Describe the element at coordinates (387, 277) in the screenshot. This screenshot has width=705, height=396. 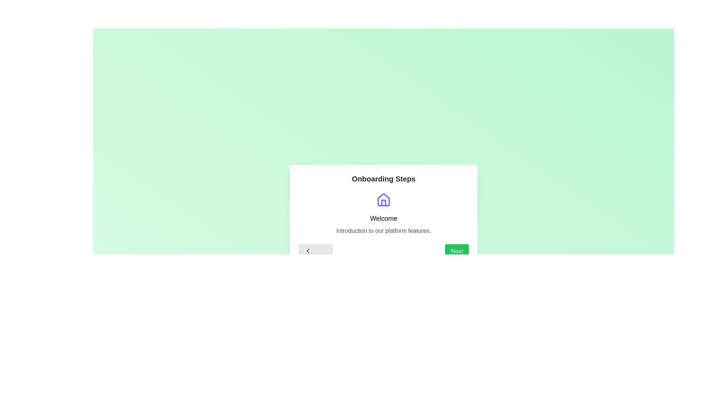
I see `the third circular dot in the progress indicator located at the bottom center of the viewport, which represents the current step in a multi-step process` at that location.